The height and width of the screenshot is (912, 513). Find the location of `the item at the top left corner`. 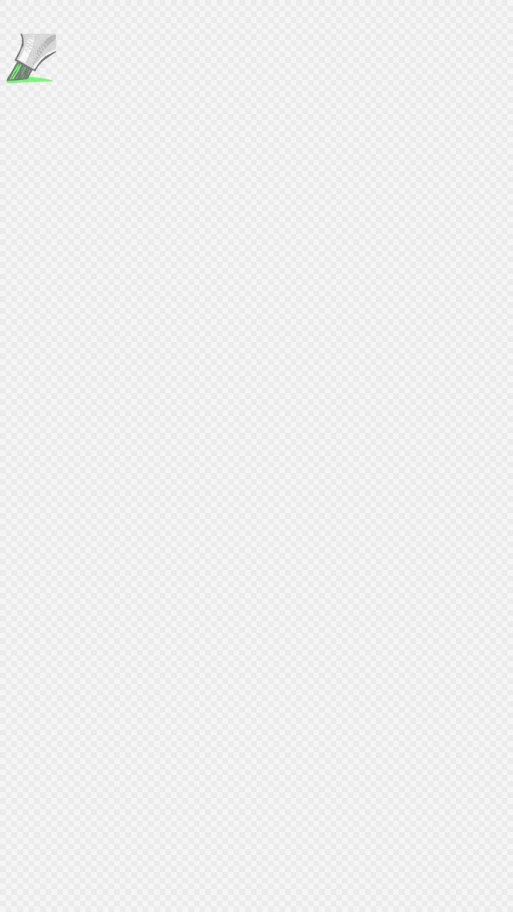

the item at the top left corner is located at coordinates (29, 59).